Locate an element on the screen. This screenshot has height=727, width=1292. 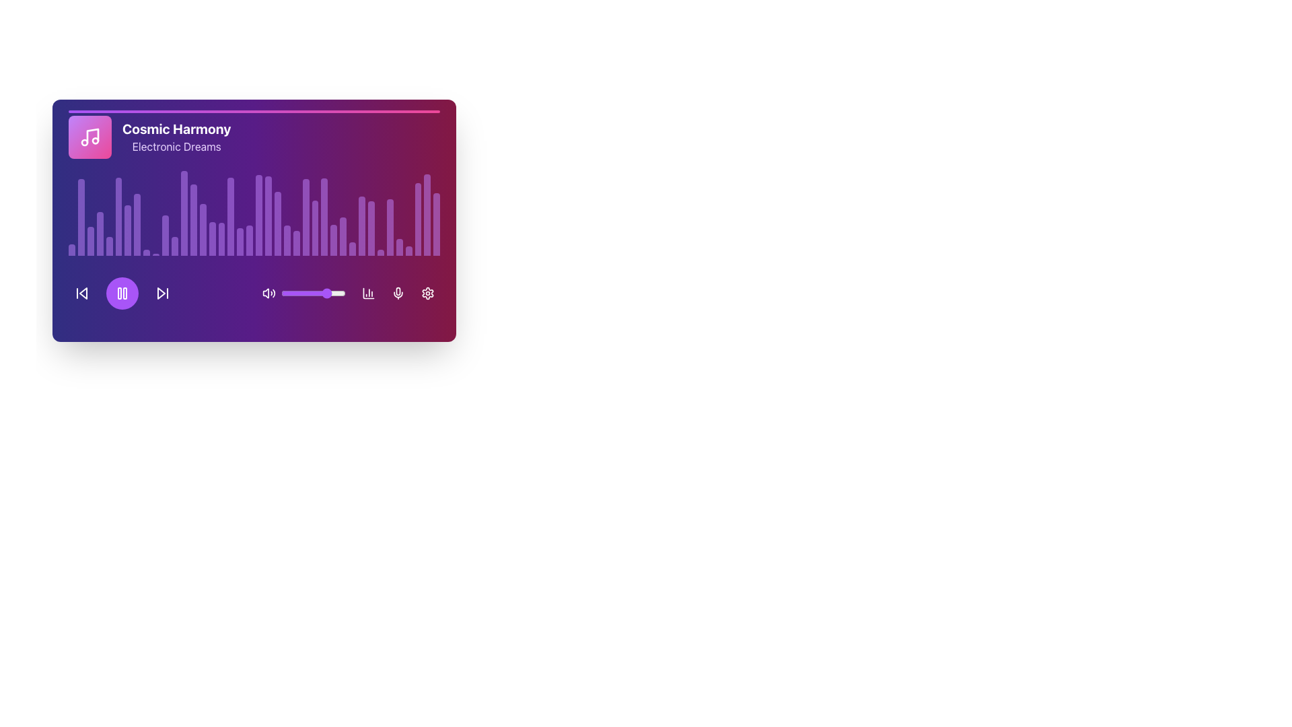
the 36th vertical purple data visualization bar in the audio visualization graph is located at coordinates (437, 223).